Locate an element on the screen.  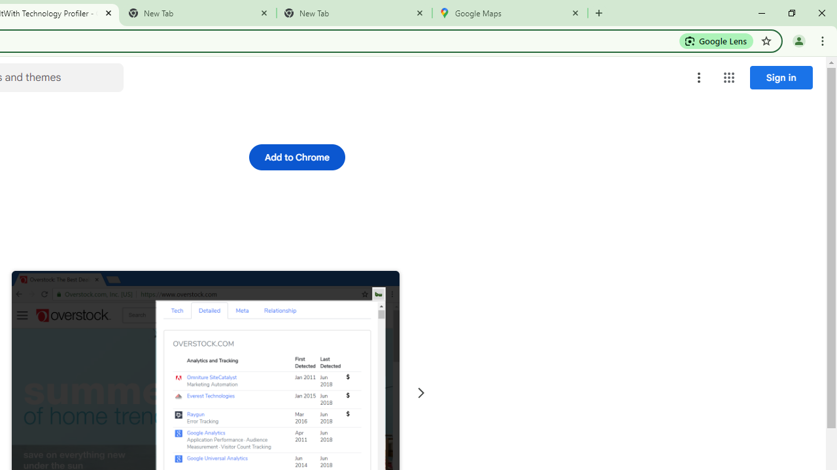
'Next slide' is located at coordinates (420, 392).